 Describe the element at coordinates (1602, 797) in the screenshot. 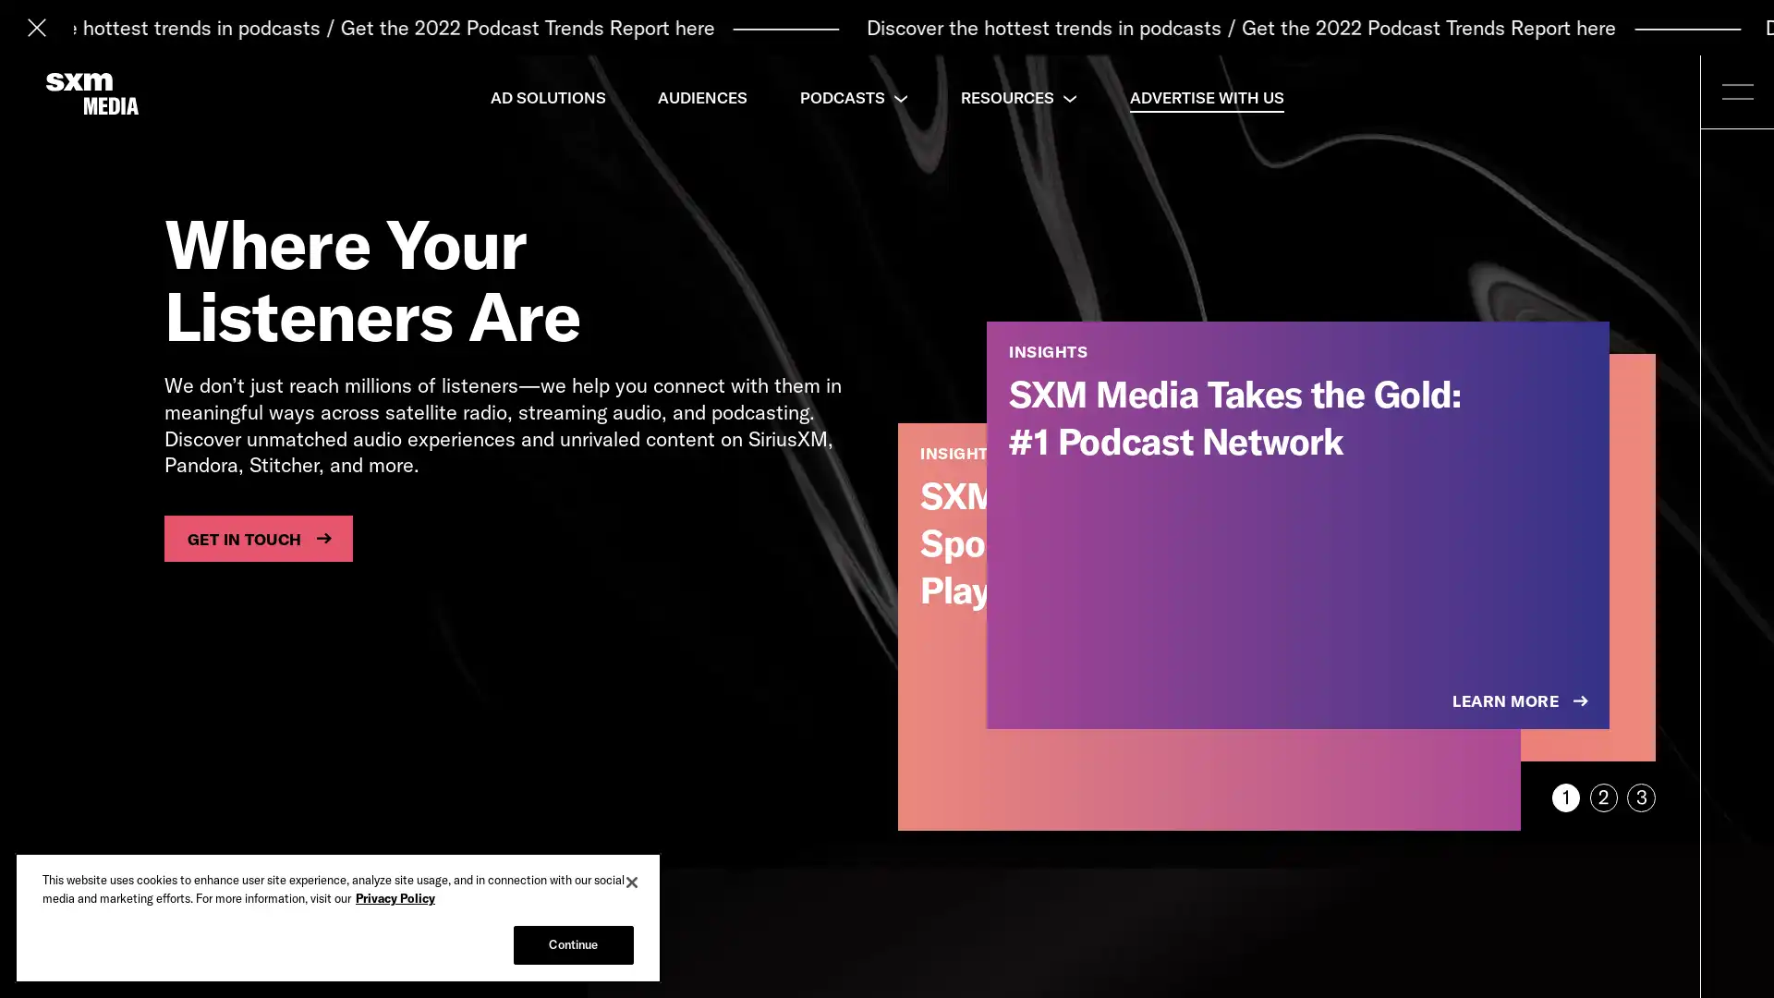

I see `2` at that location.